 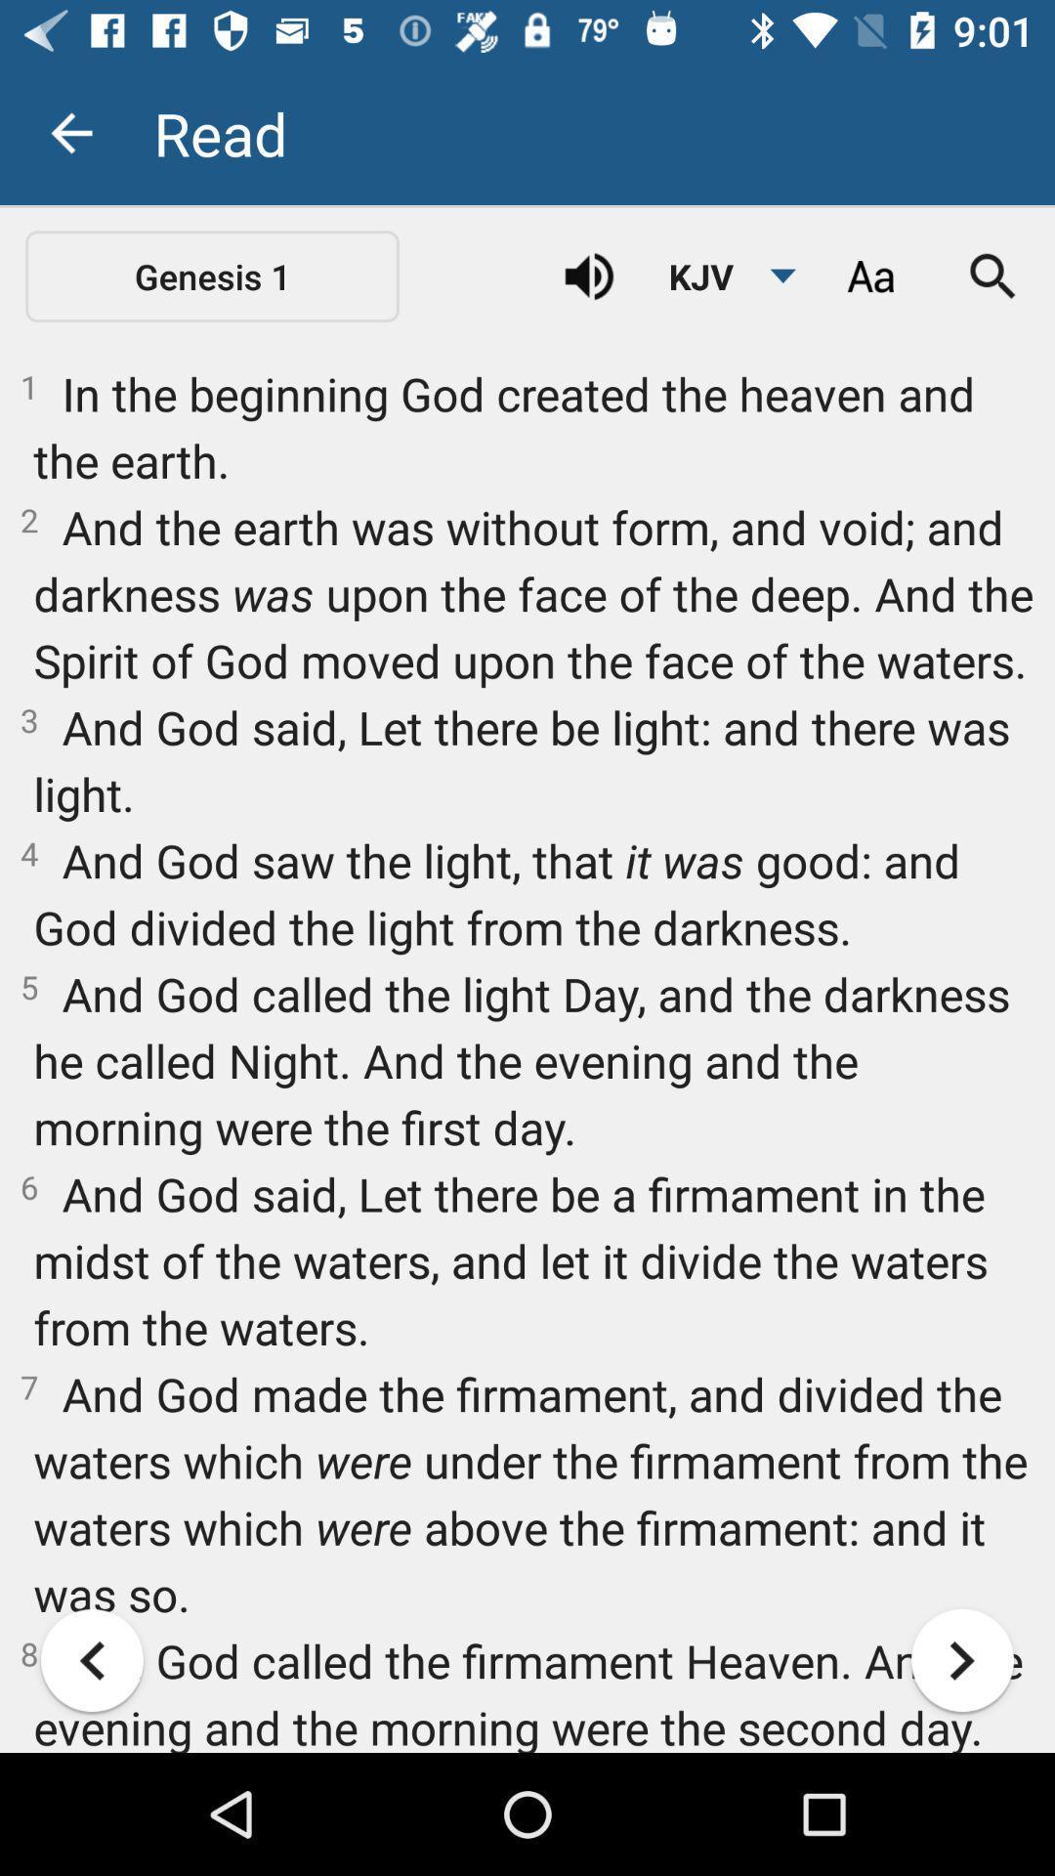 I want to click on the genesis 1 icon, so click(x=212, y=276).